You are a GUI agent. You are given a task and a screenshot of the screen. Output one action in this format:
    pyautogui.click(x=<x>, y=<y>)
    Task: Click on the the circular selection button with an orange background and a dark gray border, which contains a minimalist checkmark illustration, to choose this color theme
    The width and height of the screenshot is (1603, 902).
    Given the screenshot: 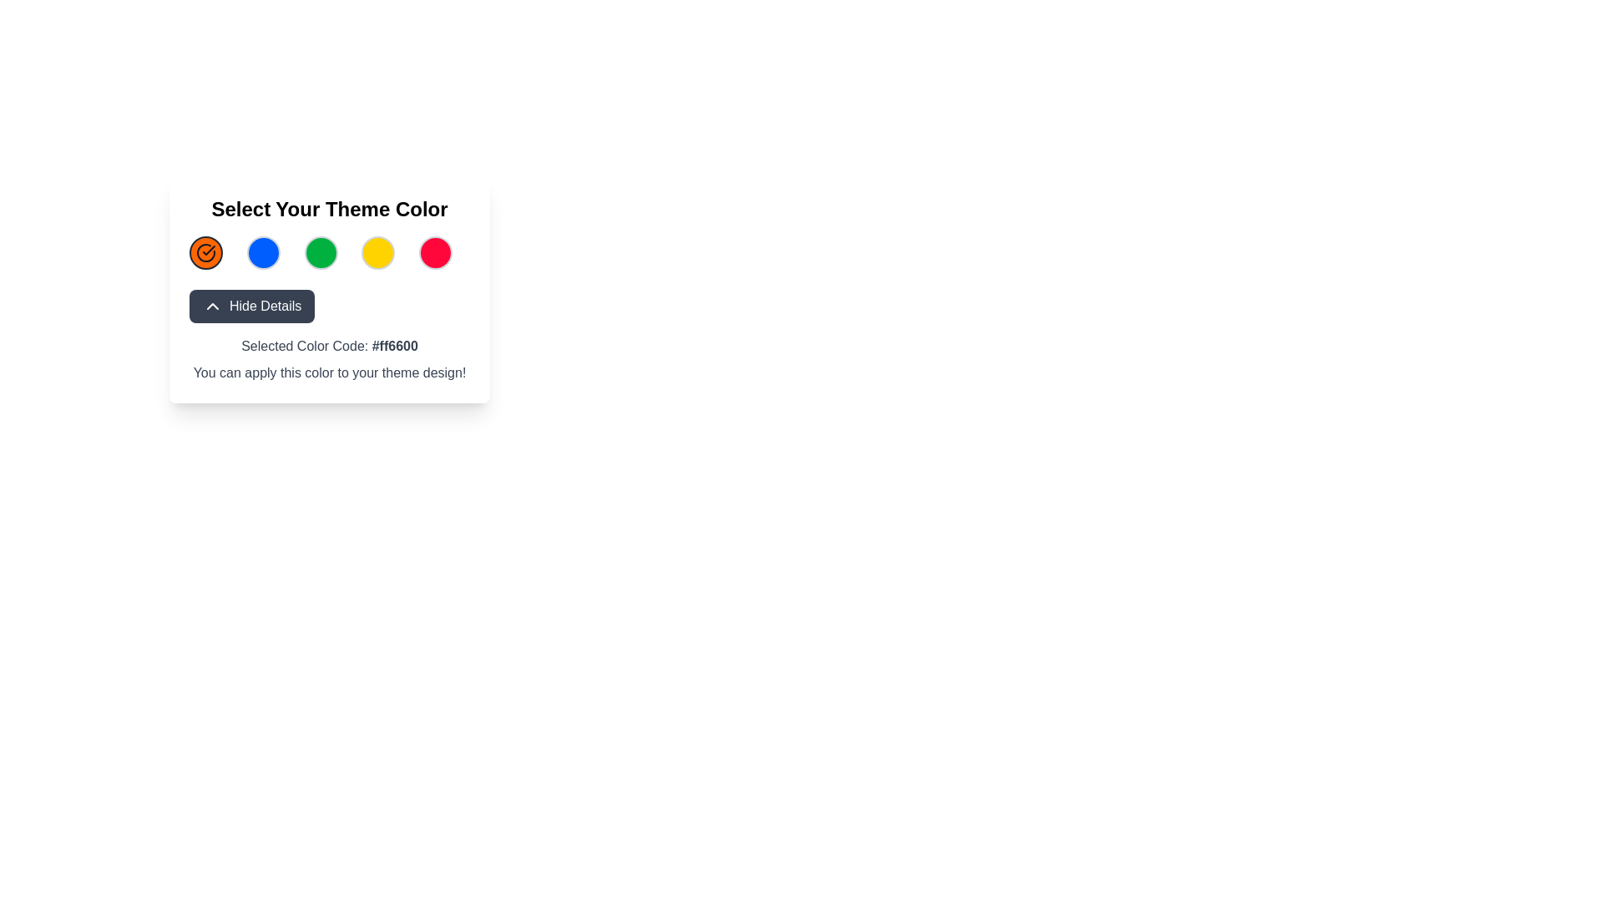 What is the action you would take?
    pyautogui.click(x=205, y=253)
    